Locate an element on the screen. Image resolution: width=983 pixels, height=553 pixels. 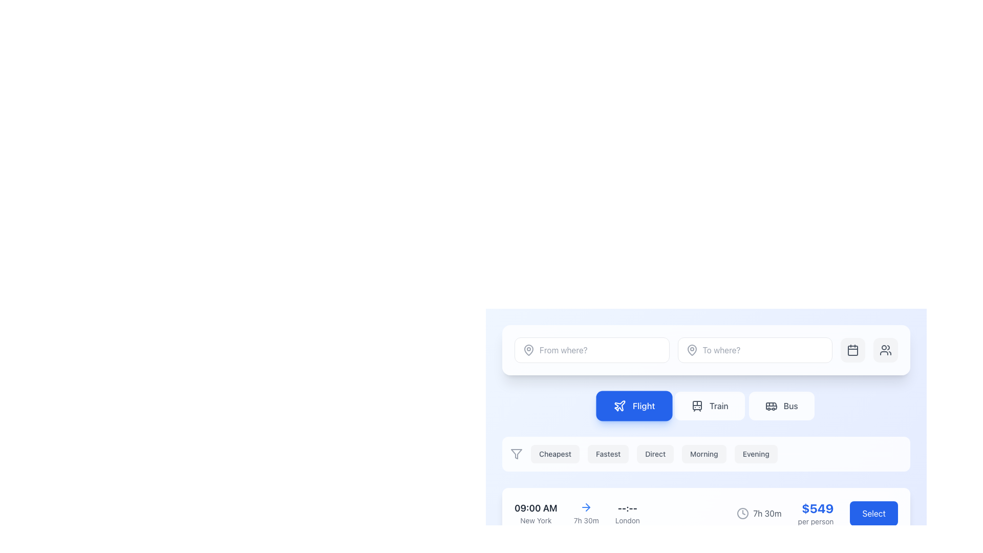
to select the first flight option in the interactive card displaying flight details with departure time '09:00 AM' from New York to London is located at coordinates (706, 513).